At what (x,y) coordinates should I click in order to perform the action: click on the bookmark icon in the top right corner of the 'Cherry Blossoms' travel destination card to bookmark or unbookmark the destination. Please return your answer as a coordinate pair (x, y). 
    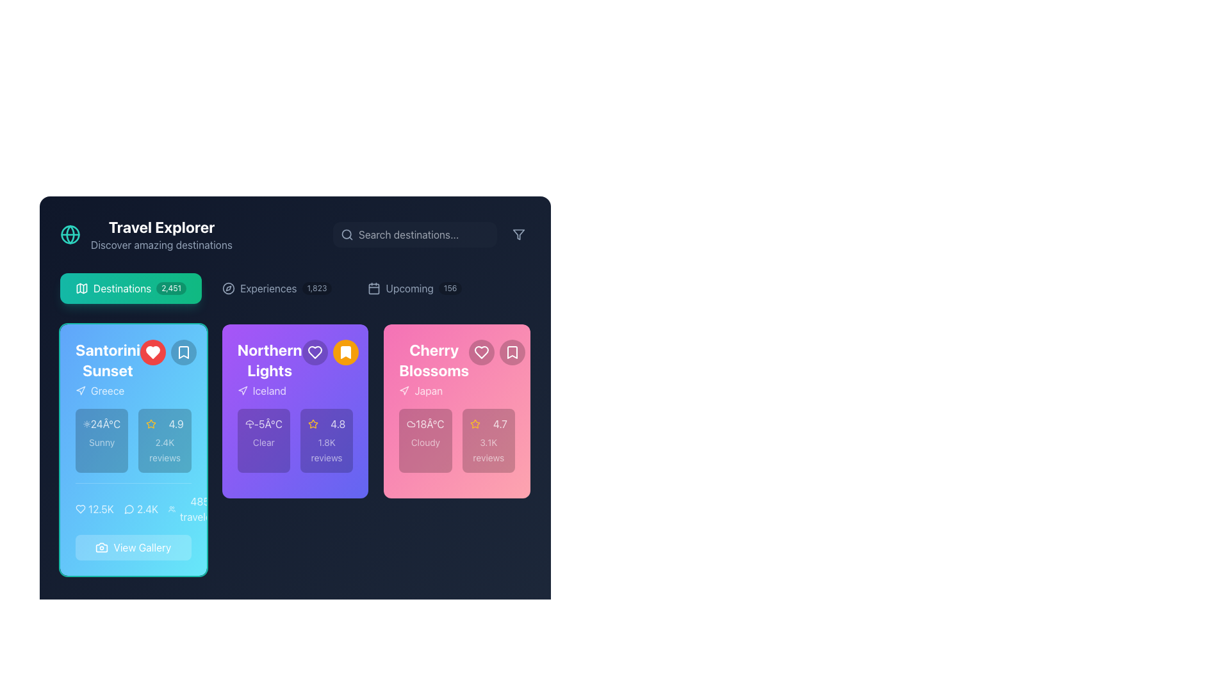
    Looking at the image, I should click on (512, 353).